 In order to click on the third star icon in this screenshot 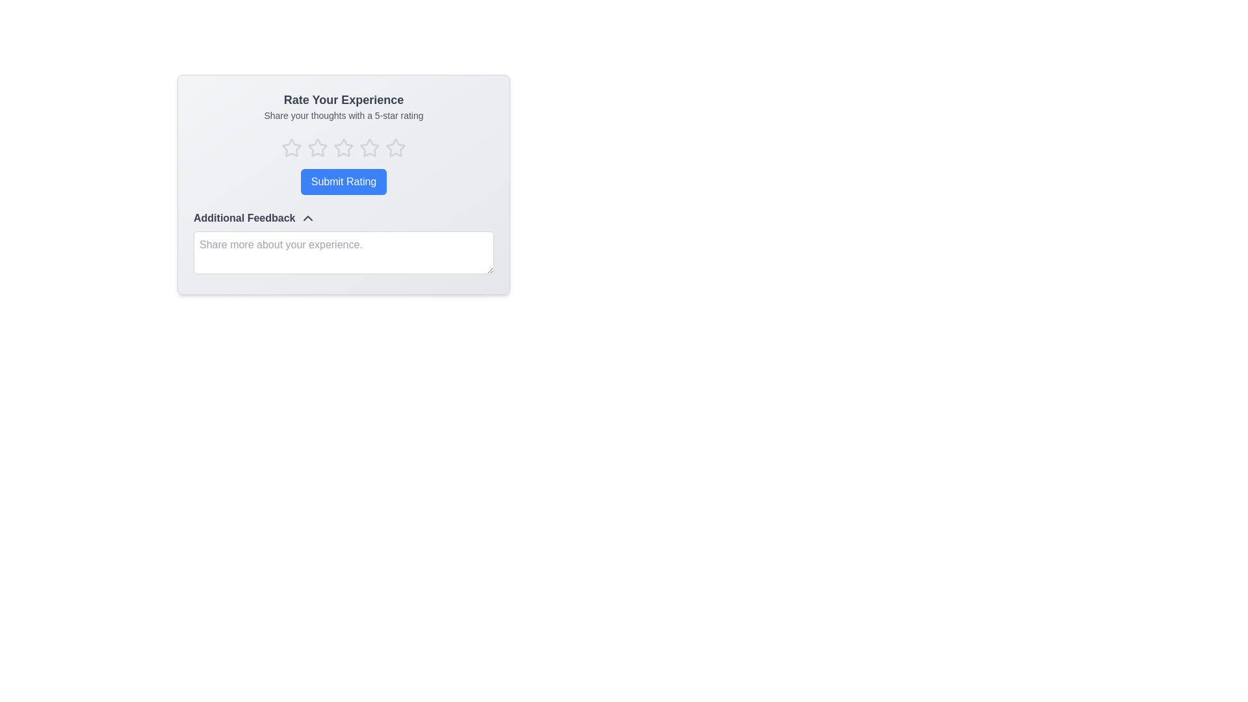, I will do `click(343, 147)`.